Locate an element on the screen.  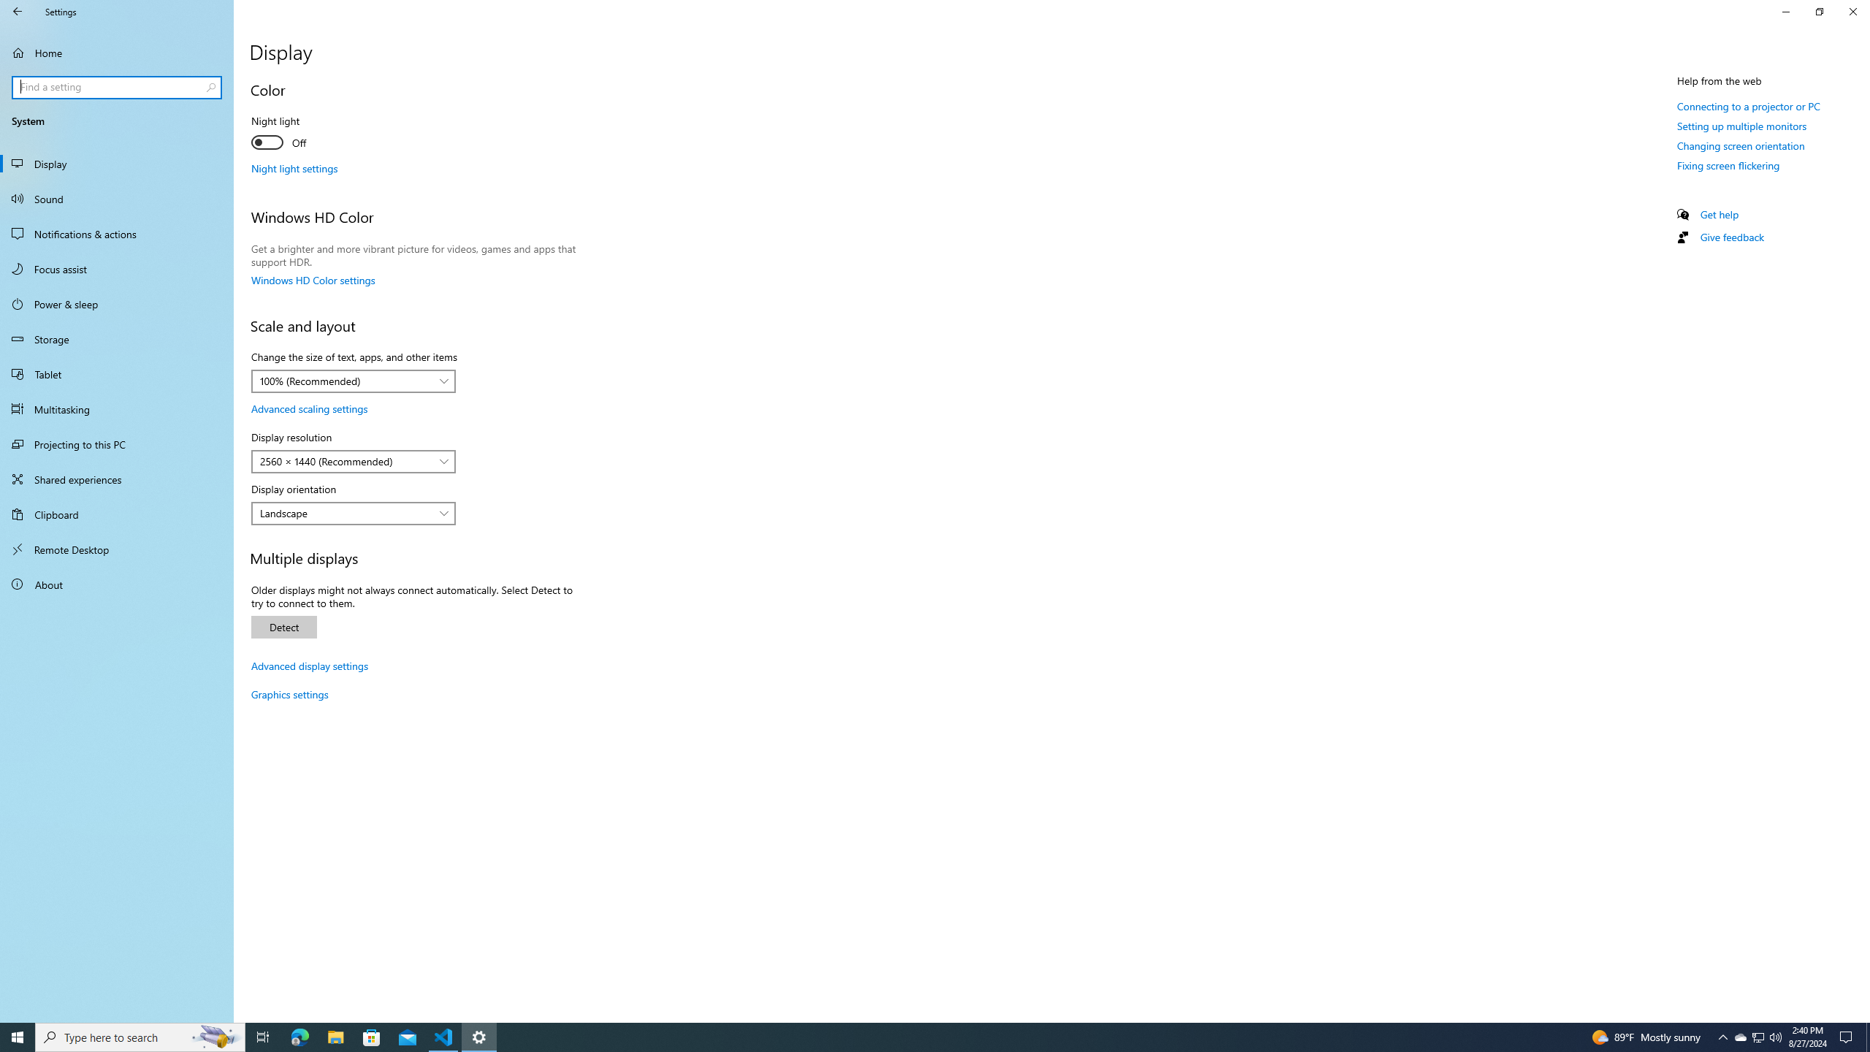
'Night light' is located at coordinates (304, 134).